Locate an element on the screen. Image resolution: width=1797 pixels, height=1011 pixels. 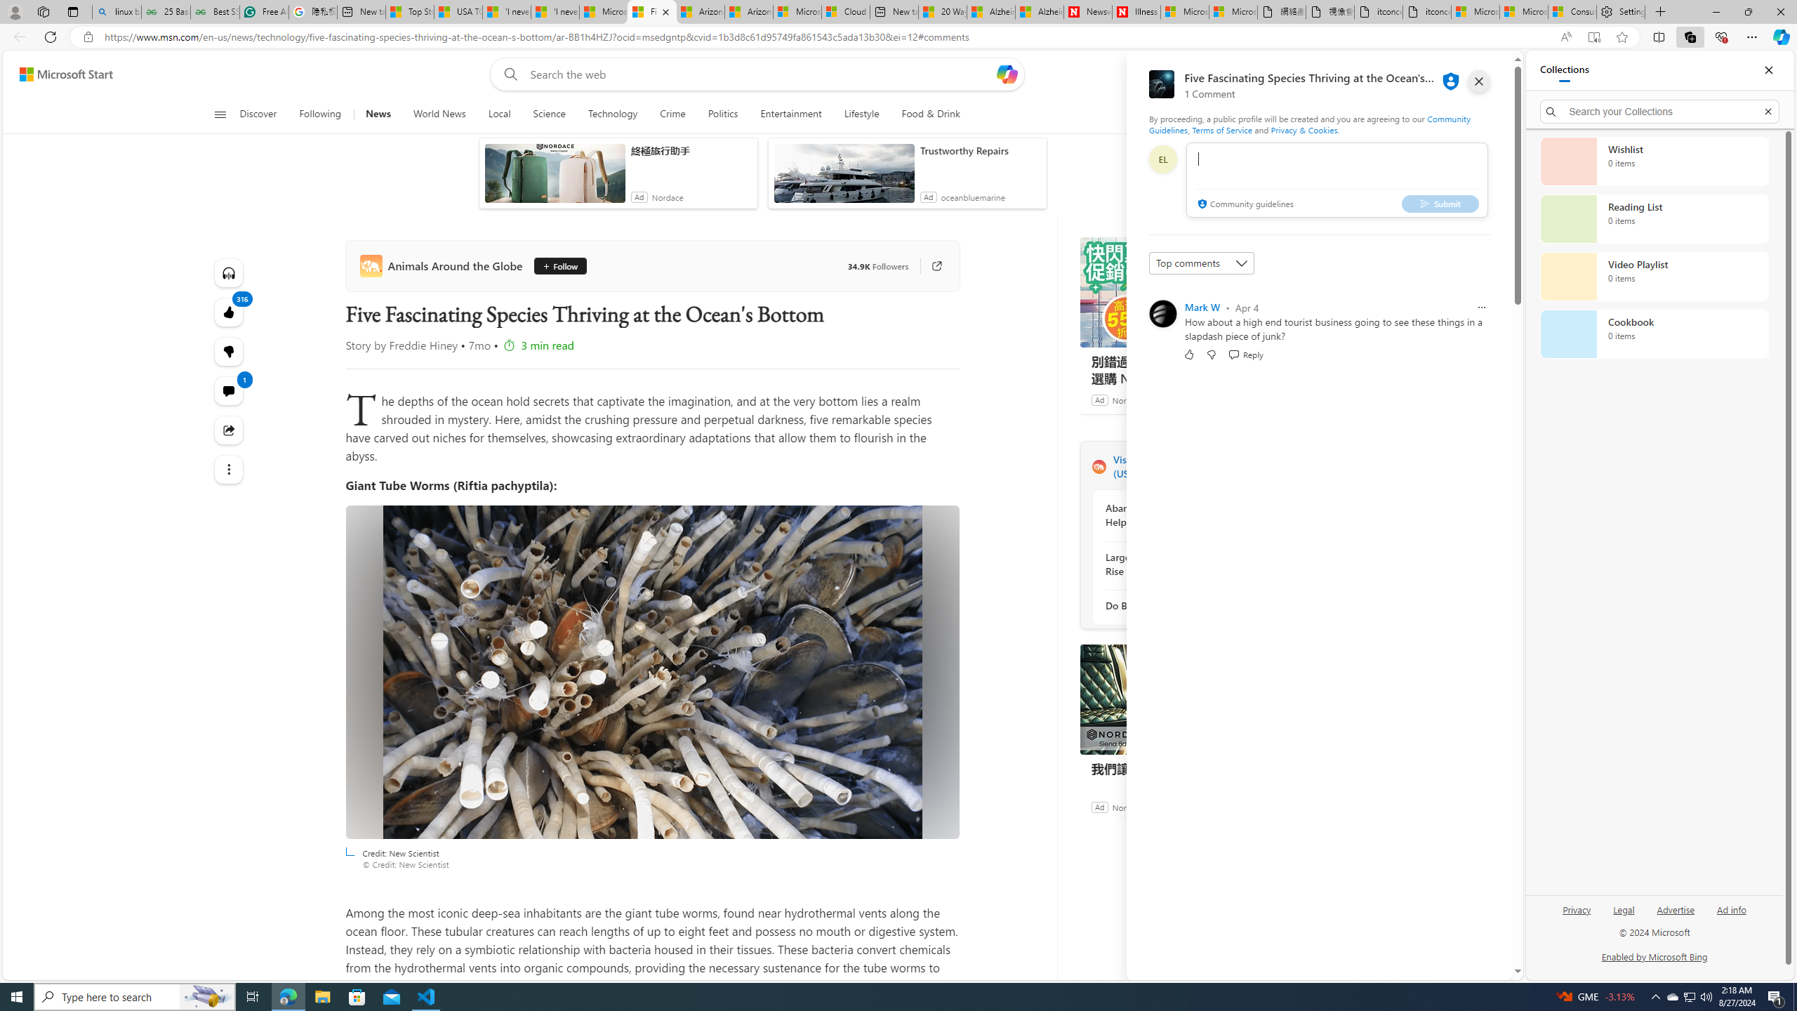
'Reading List collection, 0 items' is located at coordinates (1654, 218).